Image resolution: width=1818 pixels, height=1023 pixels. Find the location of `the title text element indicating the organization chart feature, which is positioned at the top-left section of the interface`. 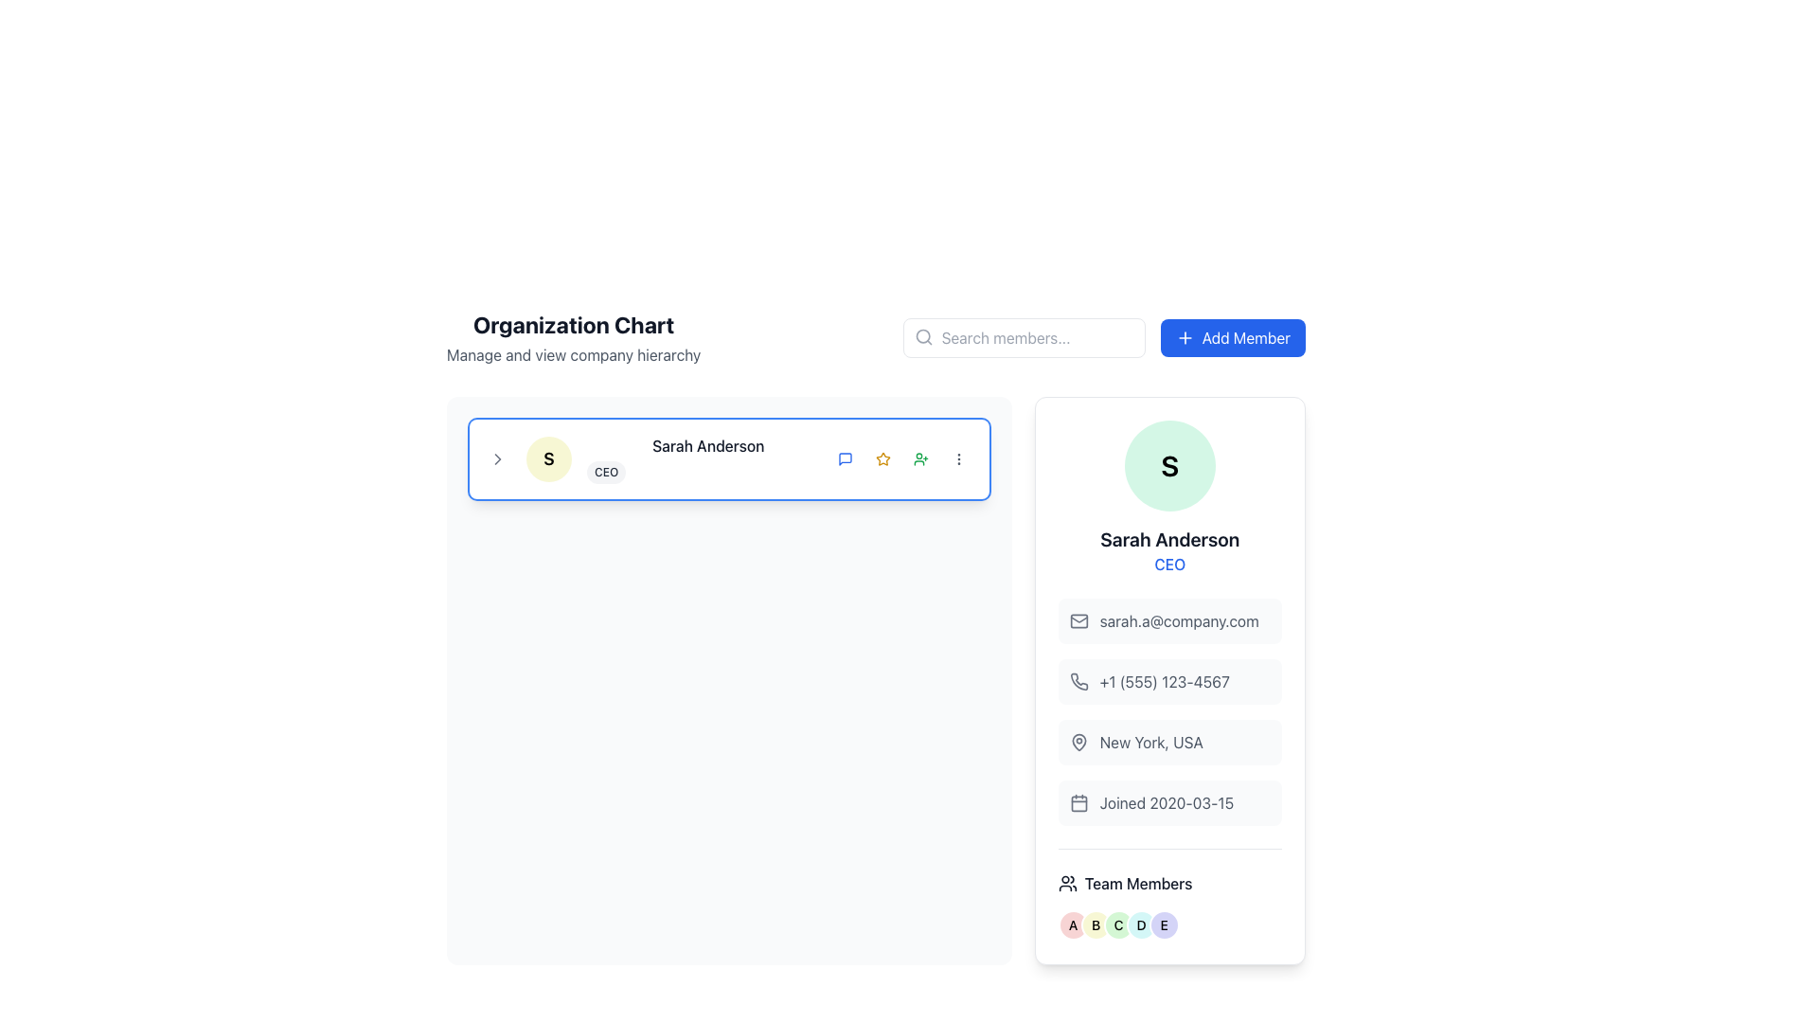

the title text element indicating the organization chart feature, which is positioned at the top-left section of the interface is located at coordinates (573, 324).